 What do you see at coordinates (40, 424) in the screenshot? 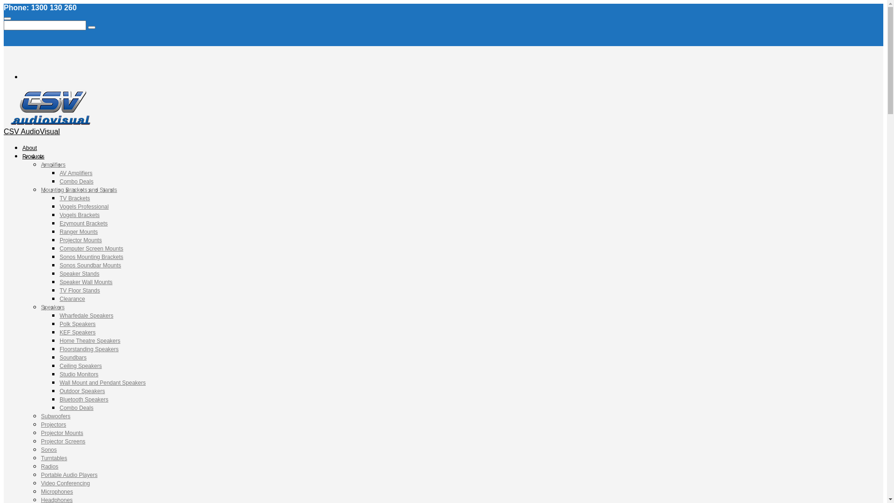
I see `'Projectors'` at bounding box center [40, 424].